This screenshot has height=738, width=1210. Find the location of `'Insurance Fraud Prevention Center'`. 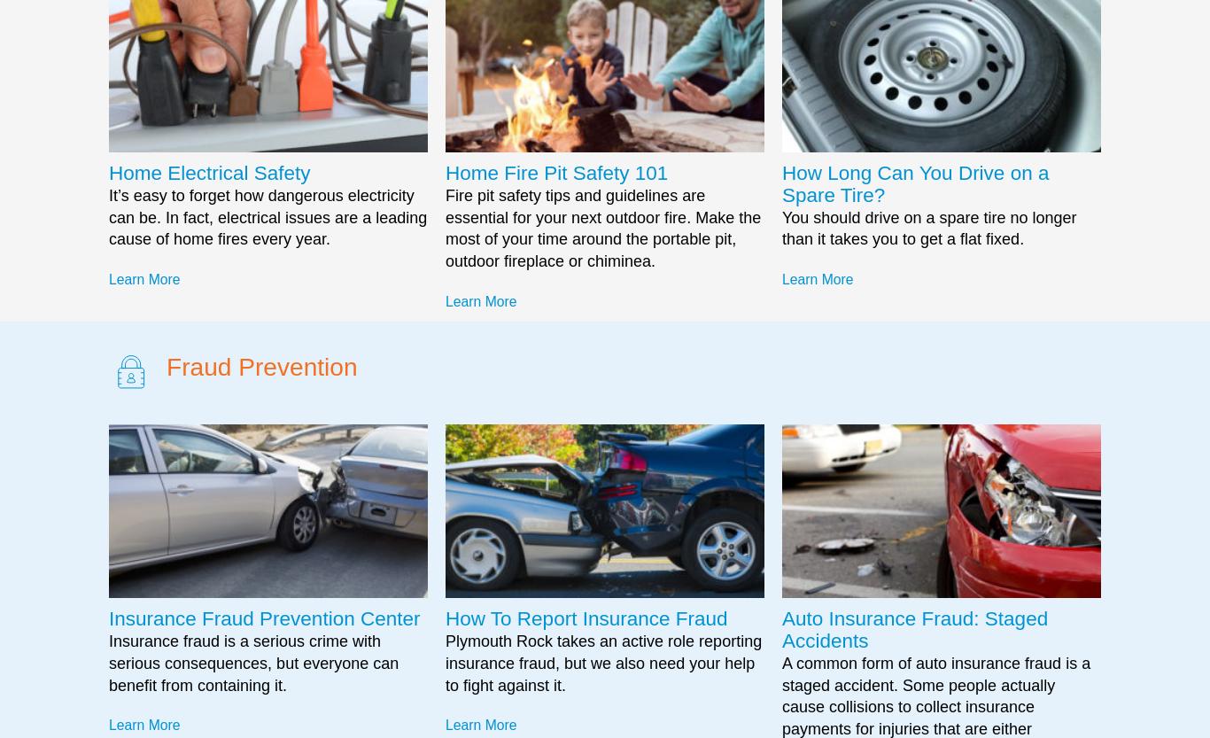

'Insurance Fraud Prevention Center' is located at coordinates (264, 618).